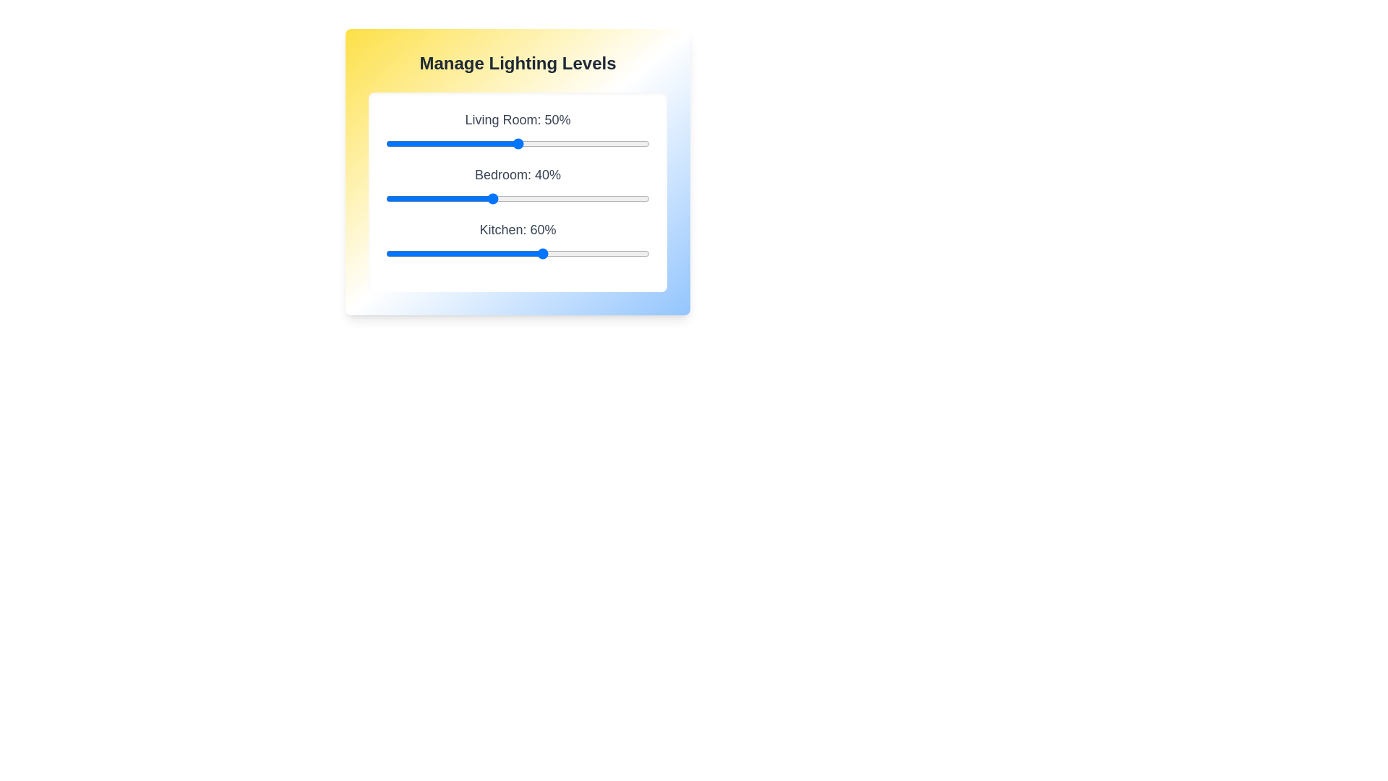 The width and height of the screenshot is (1388, 781). I want to click on the Kitchen lighting level to 60% using the slider, so click(544, 253).